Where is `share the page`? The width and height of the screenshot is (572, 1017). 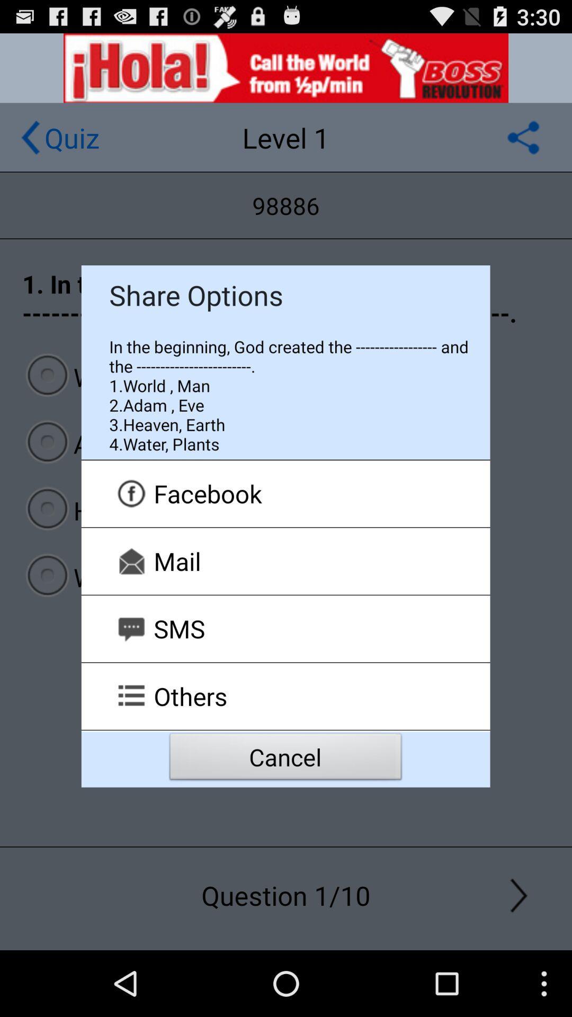
share the page is located at coordinates (523, 137).